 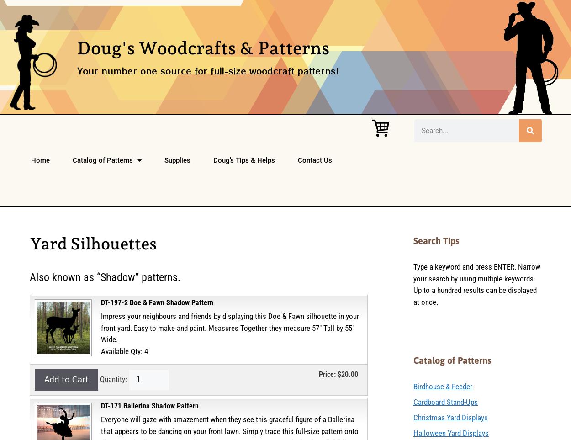 What do you see at coordinates (124, 350) in the screenshot?
I see `'Available Qty: 4'` at bounding box center [124, 350].